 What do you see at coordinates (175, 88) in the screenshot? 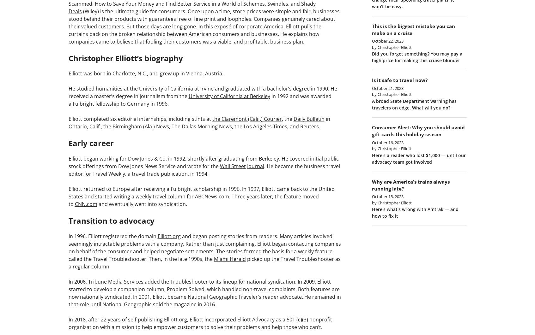
I see `'University of California at Irvine'` at bounding box center [175, 88].